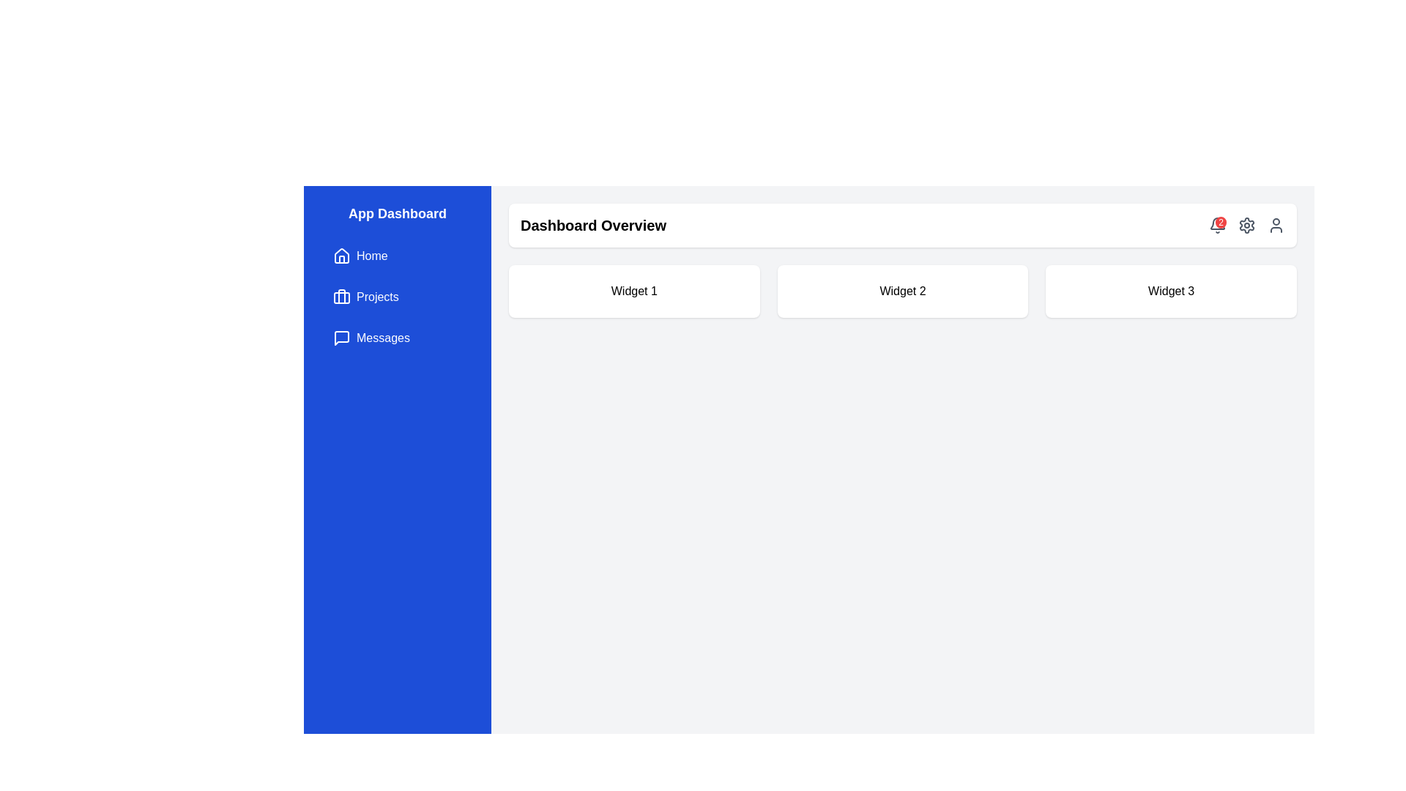 The width and height of the screenshot is (1406, 791). I want to click on the Indicator Badge that displays the number of new notifications, located in the top-right corner of the bell-shaped notification icon in the header bar, so click(1221, 223).